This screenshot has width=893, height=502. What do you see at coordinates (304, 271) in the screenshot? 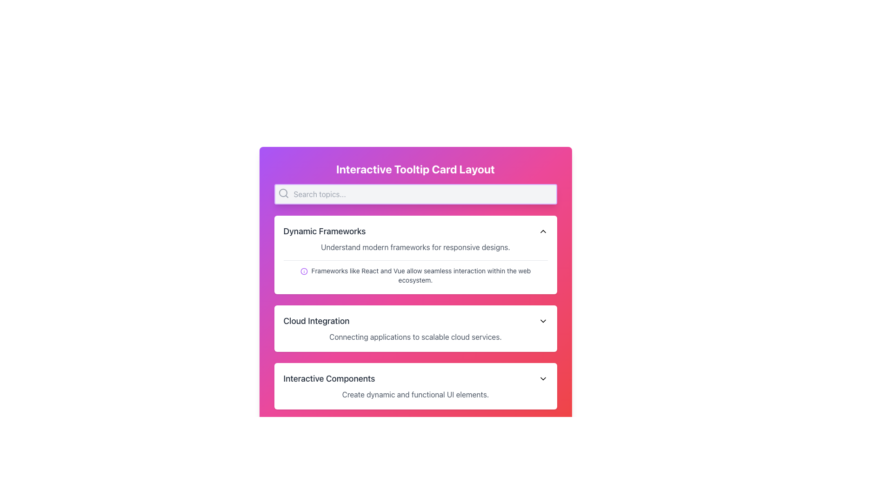
I see `the circular filled icon with a purple tint located to the left of the 'Dynamic Frameworks' header in the interface` at bounding box center [304, 271].